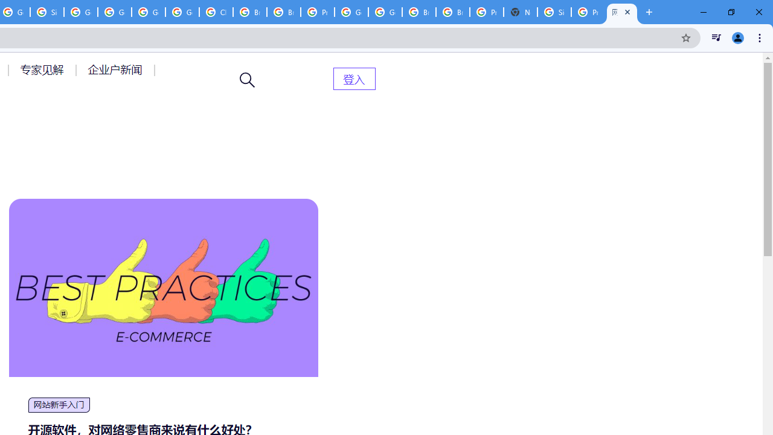 The width and height of the screenshot is (773, 435). Describe the element at coordinates (351, 12) in the screenshot. I see `'Google Cloud Platform'` at that location.